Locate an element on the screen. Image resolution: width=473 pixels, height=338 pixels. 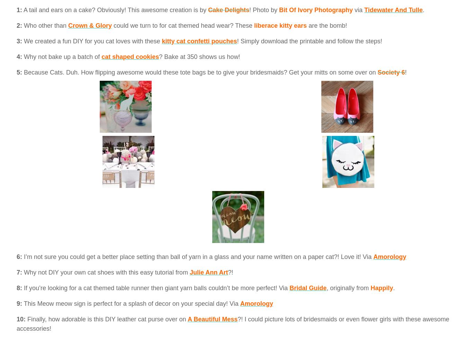
'8:' is located at coordinates (16, 288).